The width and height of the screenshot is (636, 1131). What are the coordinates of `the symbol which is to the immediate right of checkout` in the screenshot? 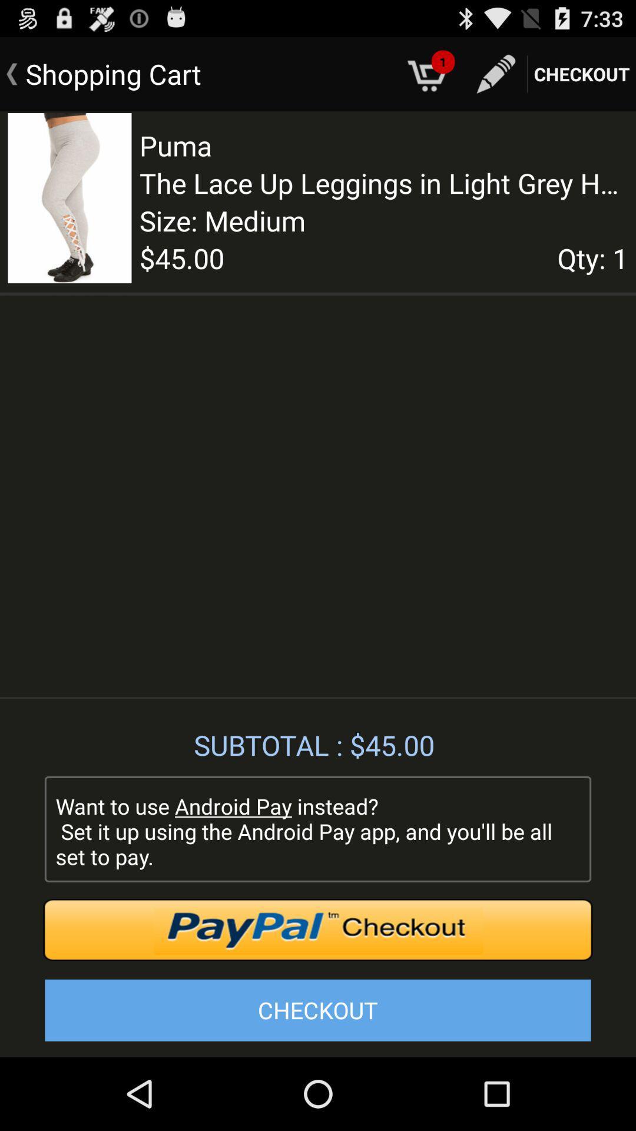 It's located at (496, 74).